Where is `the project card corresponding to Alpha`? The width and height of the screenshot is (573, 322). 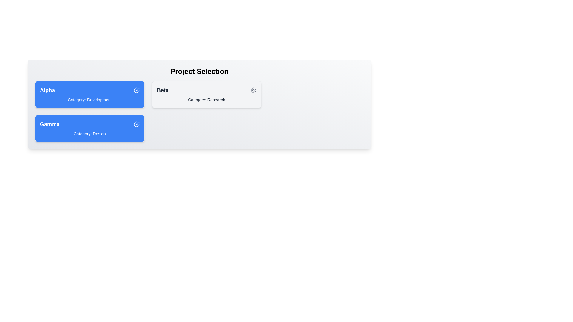 the project card corresponding to Alpha is located at coordinates (89, 94).